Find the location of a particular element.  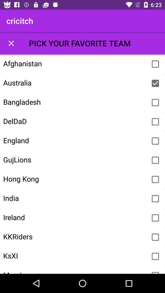

the list is located at coordinates (11, 43).